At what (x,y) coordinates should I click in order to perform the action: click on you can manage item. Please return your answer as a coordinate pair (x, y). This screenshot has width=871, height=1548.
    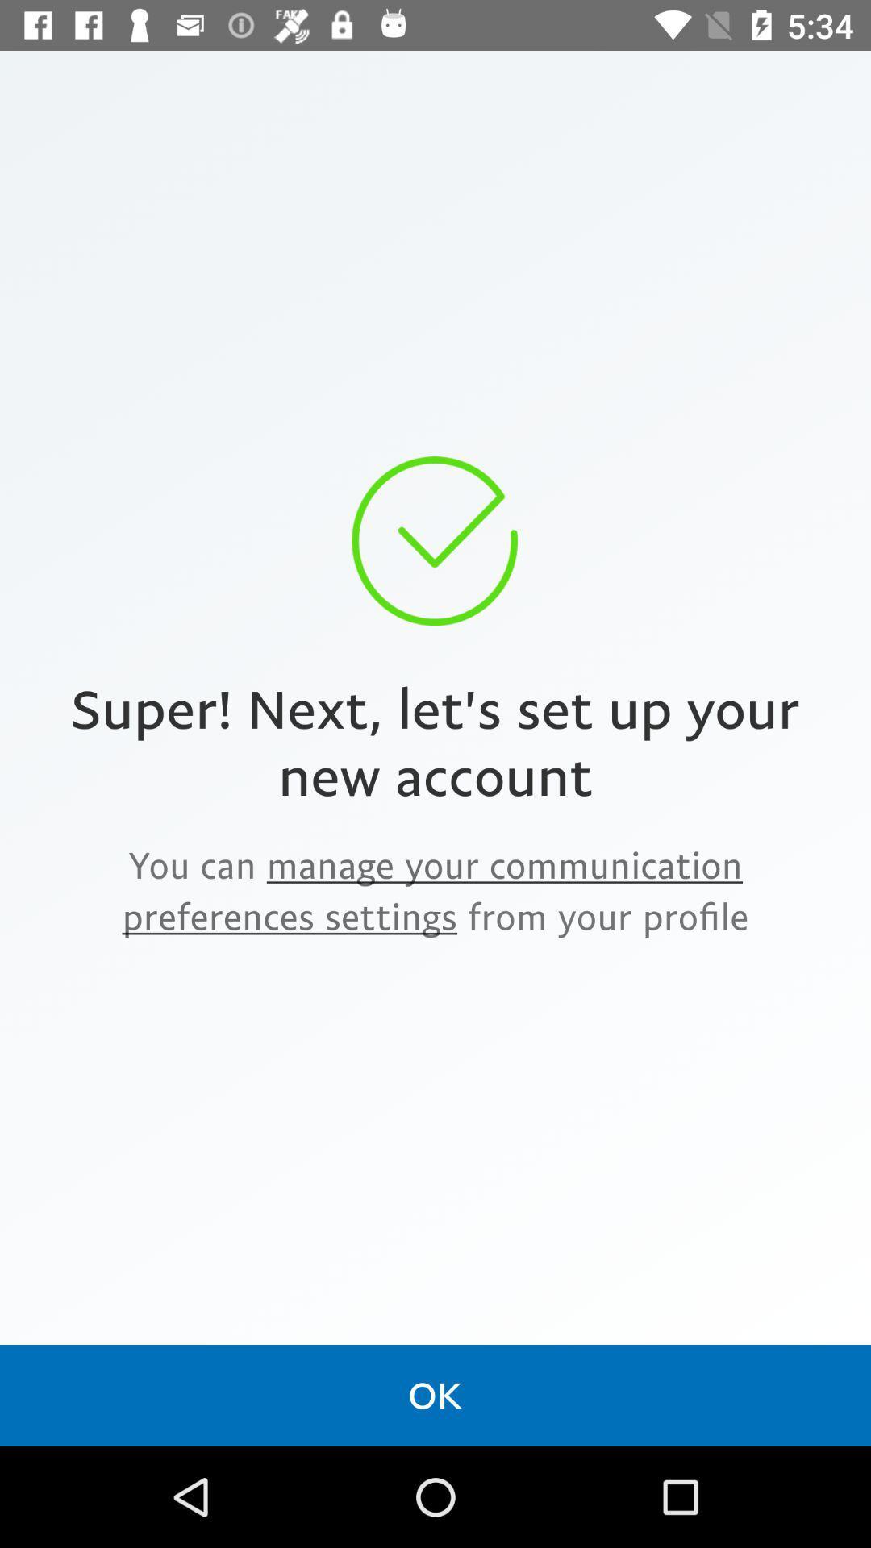
    Looking at the image, I should click on (435, 889).